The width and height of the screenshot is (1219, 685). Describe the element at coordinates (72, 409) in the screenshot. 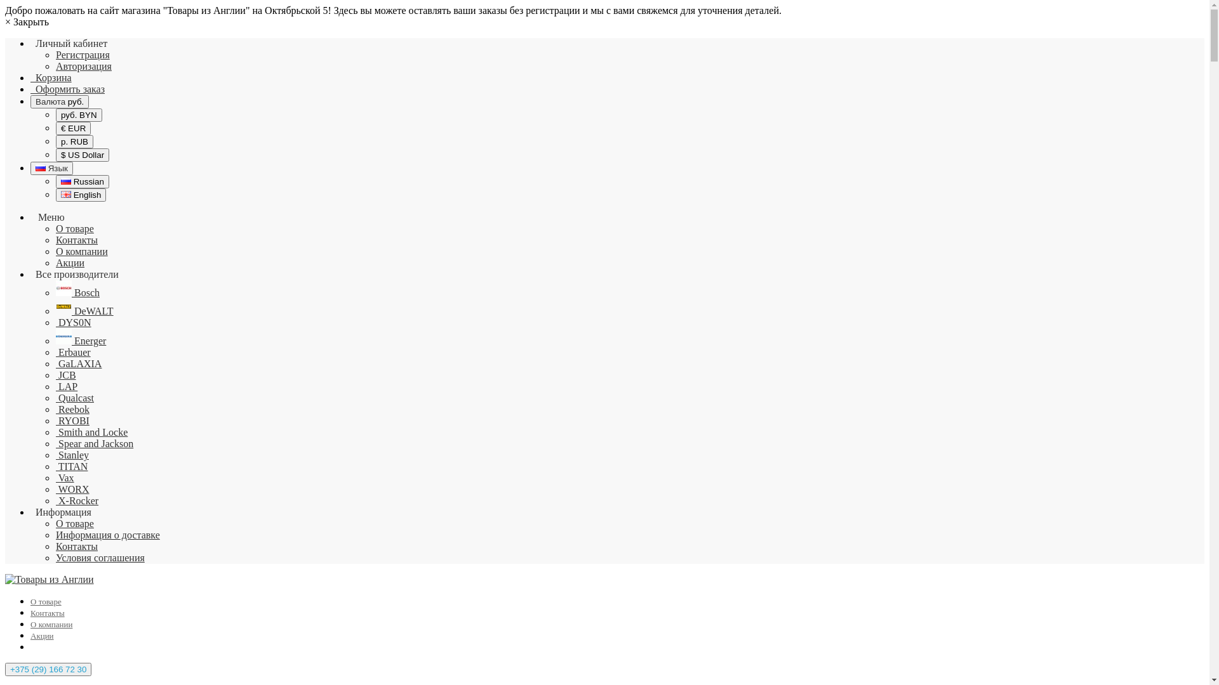

I see `'Reebok'` at that location.